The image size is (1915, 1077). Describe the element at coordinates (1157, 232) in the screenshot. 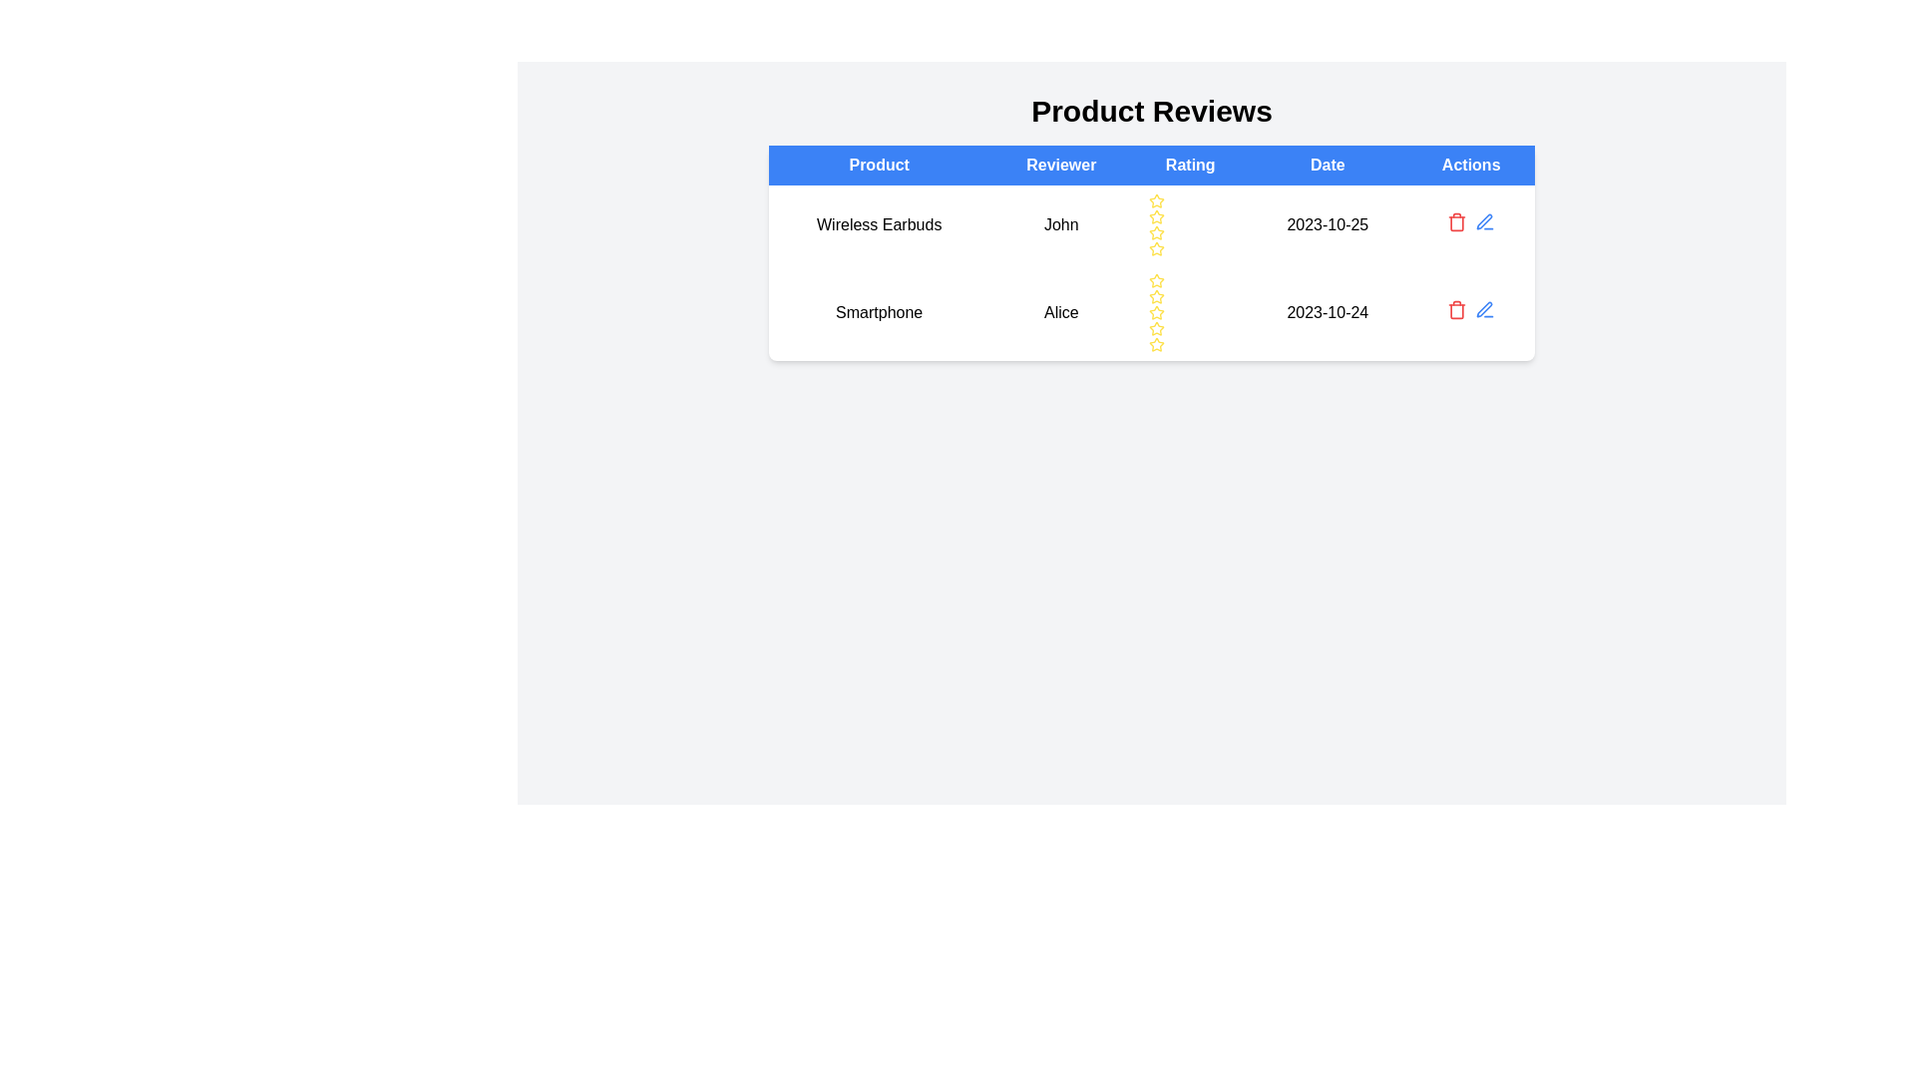

I see `the fifth yellow star icon with a hollow center in the 'Rating' column of the first row under the 'Wireless Earbuds' product` at that location.